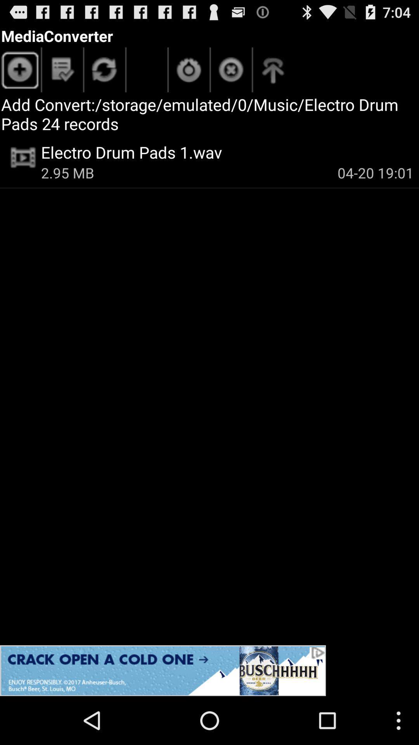 This screenshot has width=419, height=745. What do you see at coordinates (20, 72) in the screenshot?
I see `media` at bounding box center [20, 72].